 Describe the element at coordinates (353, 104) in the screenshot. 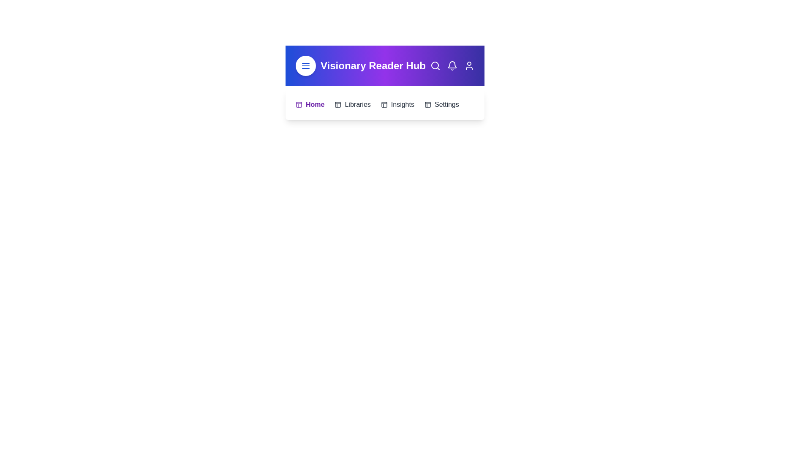

I see `the menu item Libraries by clicking on it` at that location.